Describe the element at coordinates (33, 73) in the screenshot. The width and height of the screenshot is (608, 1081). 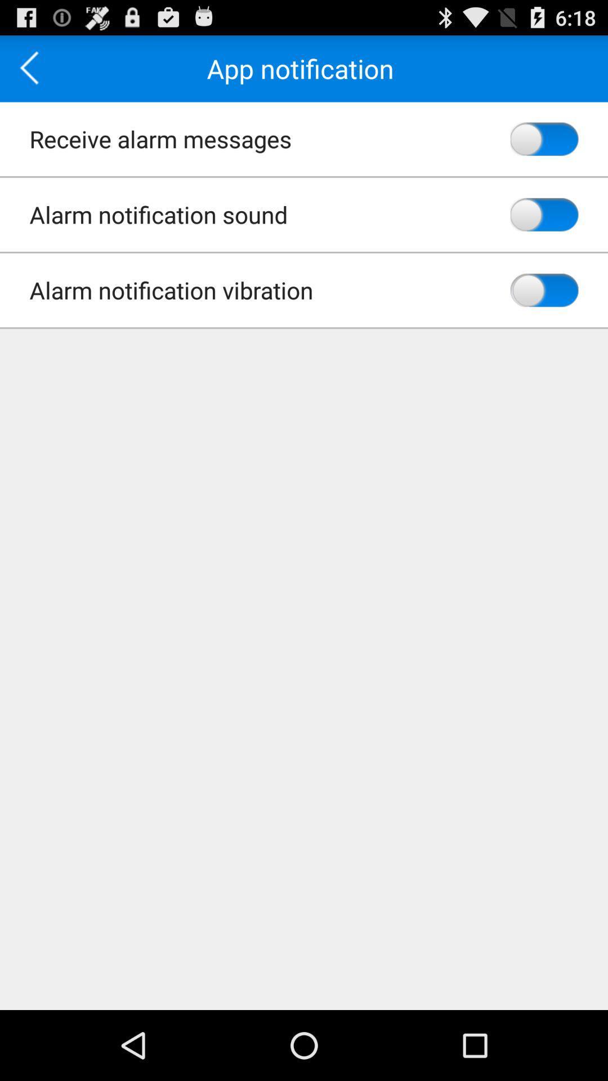
I see `the arrow_backward icon` at that location.